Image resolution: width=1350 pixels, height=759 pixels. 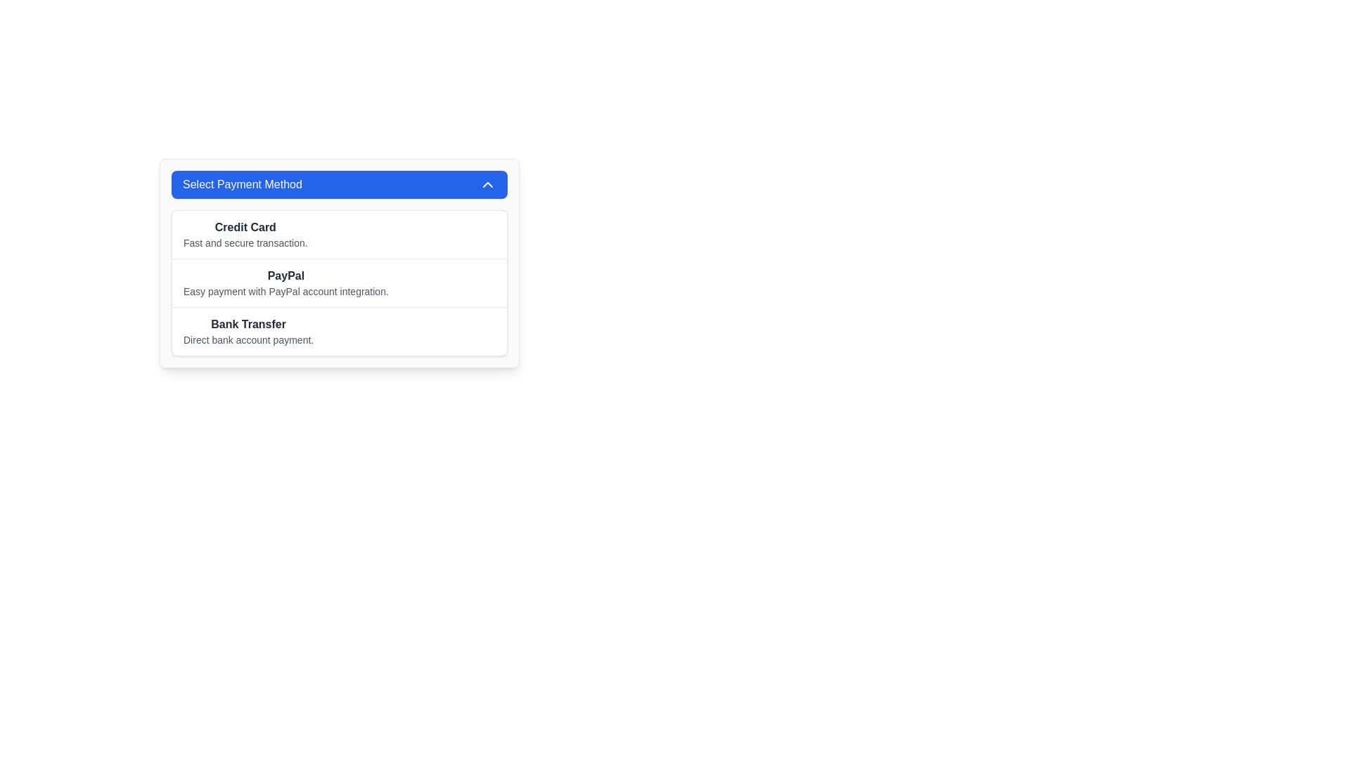 What do you see at coordinates (248, 331) in the screenshot?
I see `the List Item titled 'Bank Transfer' with the description 'Direct bank account payment.'` at bounding box center [248, 331].